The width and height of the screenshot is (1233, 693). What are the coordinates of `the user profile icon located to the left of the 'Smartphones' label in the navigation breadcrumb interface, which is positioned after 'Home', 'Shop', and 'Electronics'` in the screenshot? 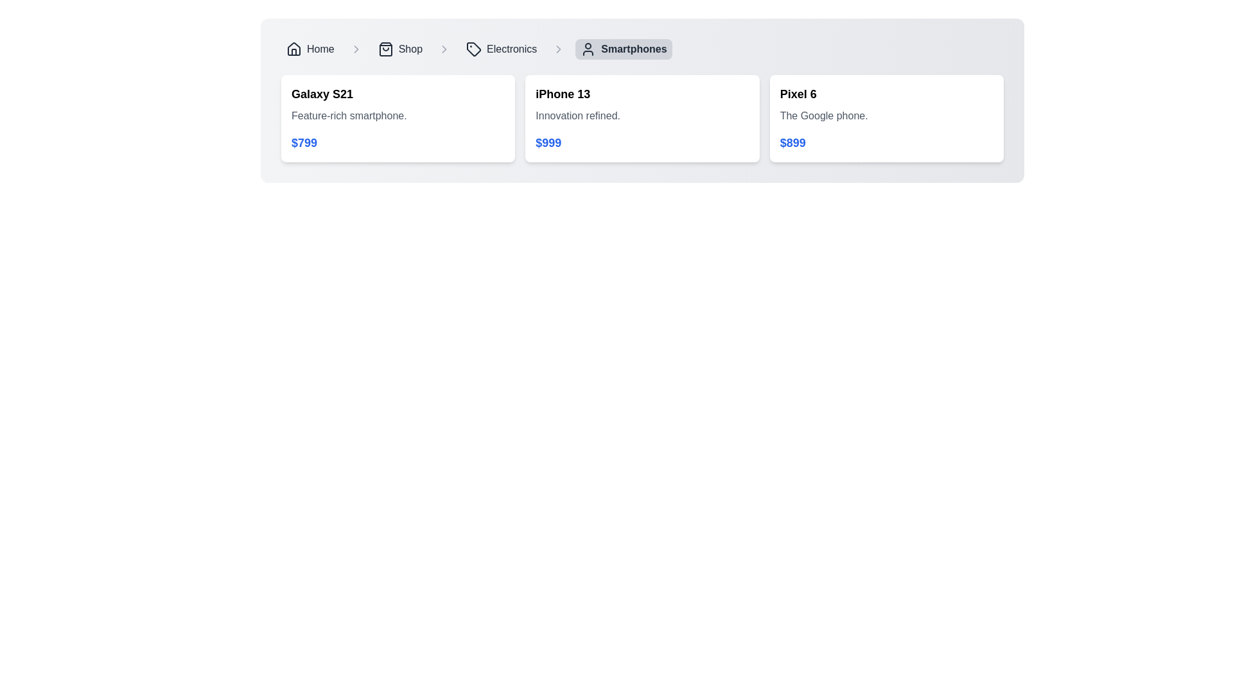 It's located at (588, 49).